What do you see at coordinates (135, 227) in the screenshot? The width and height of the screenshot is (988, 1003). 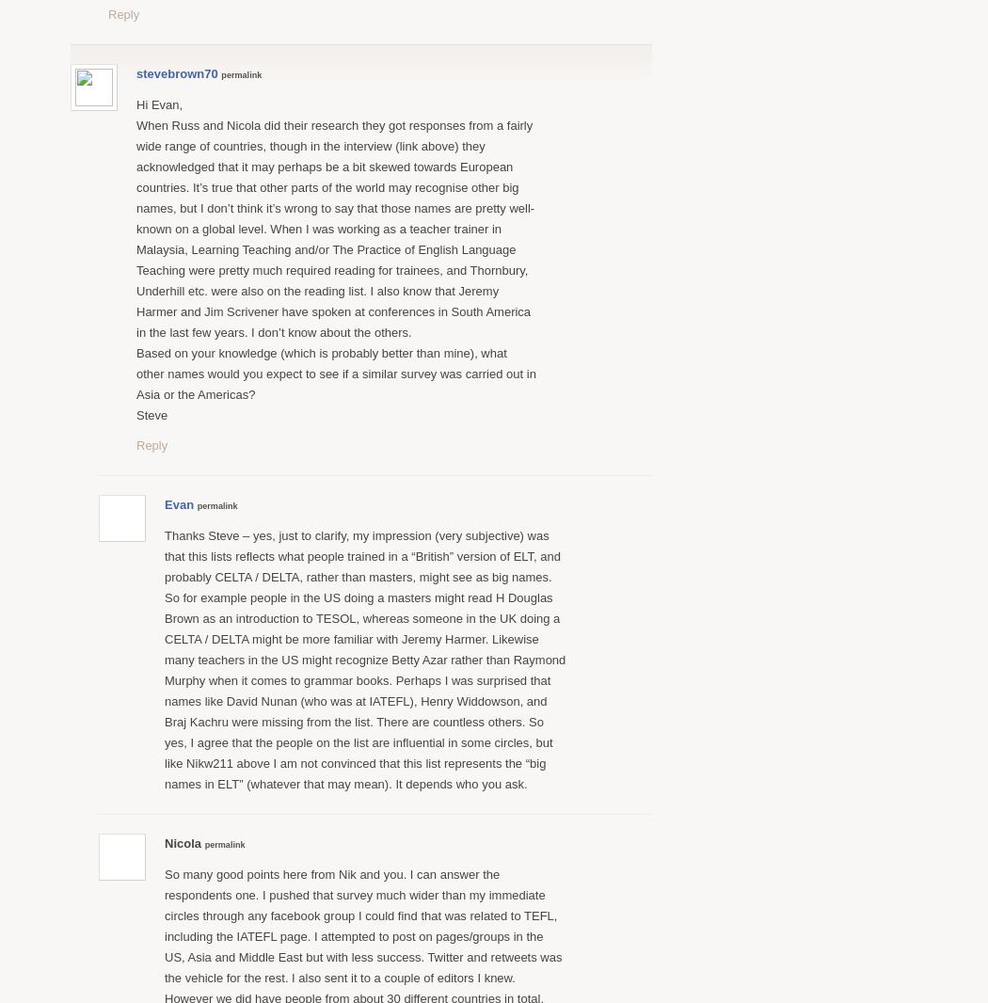 I see `'When Russ and Nicola did their research they got responses from a fairly wide range of countries, though in the interview (link above) they acknowledged that it may perhaps be a bit skewed towards European countries. It’s true that other parts of the world may recognise other big names, but I don’t think it’s wrong to say that those names are pretty well-known on a global level. When I was working as a teacher trainer in Malaysia, Learning Teaching and/or The Practice of English Language Teaching were pretty much required reading for trainees, and Thornbury, Underhill etc. were also on the reading list. I also know that Jeremy Harmer and Jim Scrivener have spoken at conferences in South America in the last few years. I don’t know about the others.'` at bounding box center [135, 227].